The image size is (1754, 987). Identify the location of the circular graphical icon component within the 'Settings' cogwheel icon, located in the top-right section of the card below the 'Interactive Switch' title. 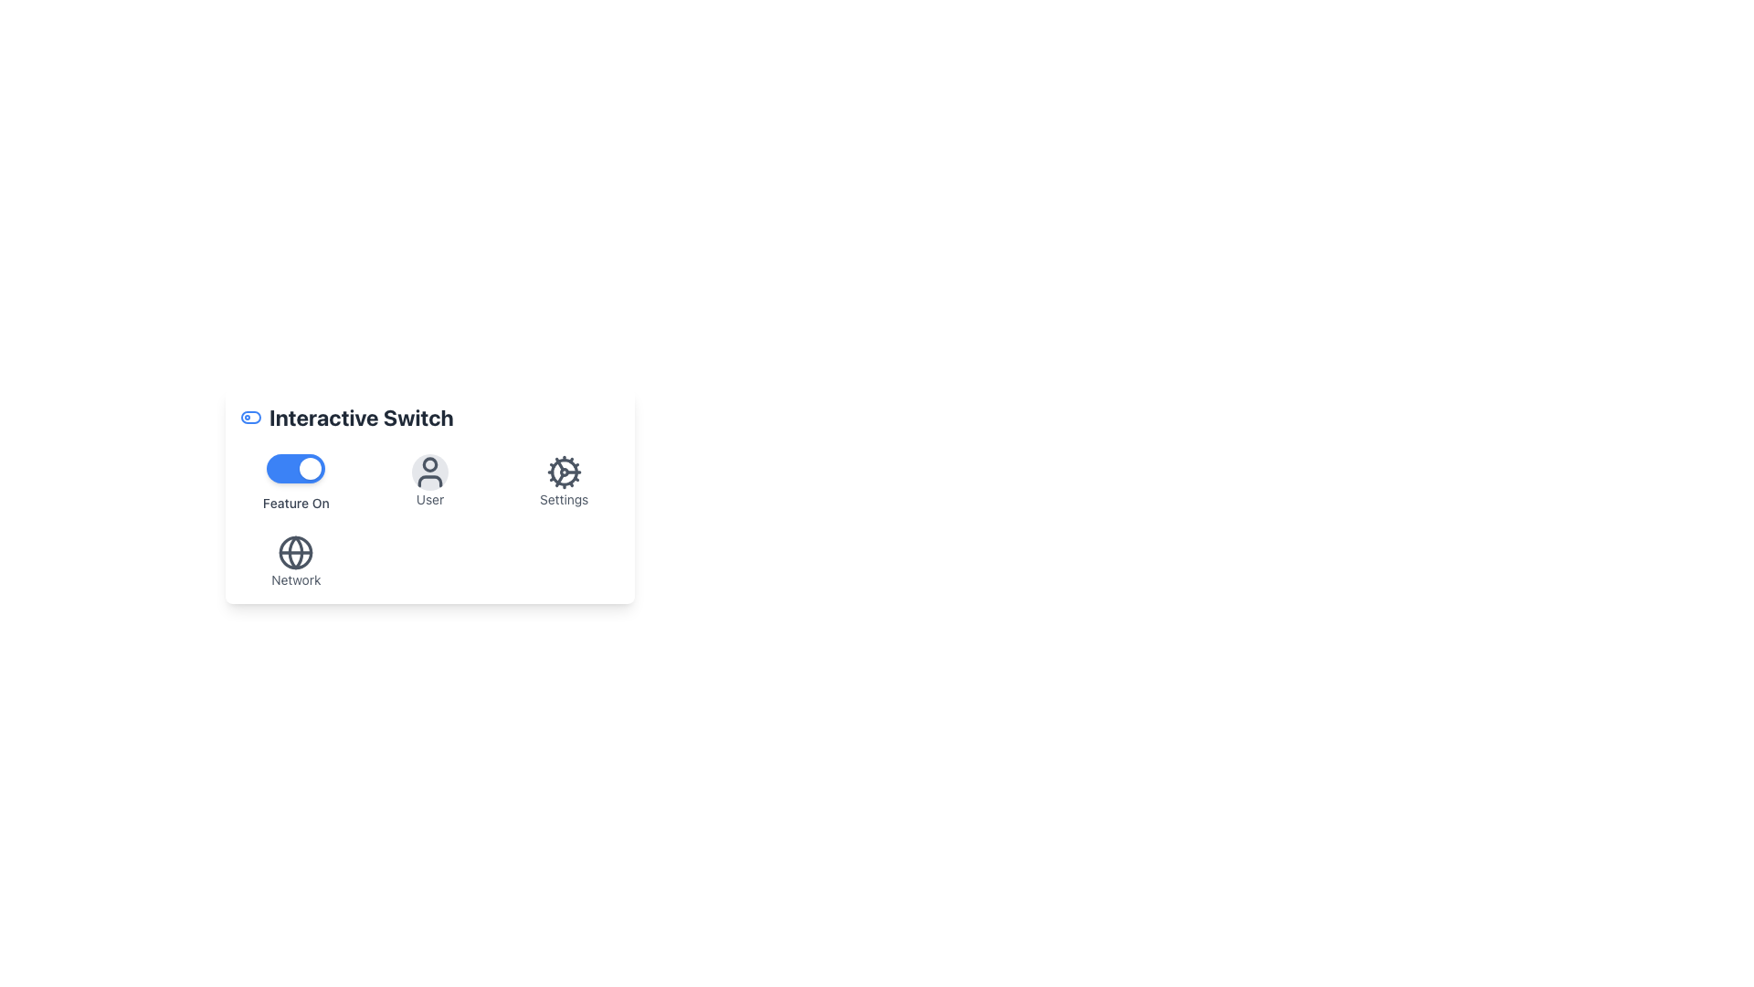
(563, 471).